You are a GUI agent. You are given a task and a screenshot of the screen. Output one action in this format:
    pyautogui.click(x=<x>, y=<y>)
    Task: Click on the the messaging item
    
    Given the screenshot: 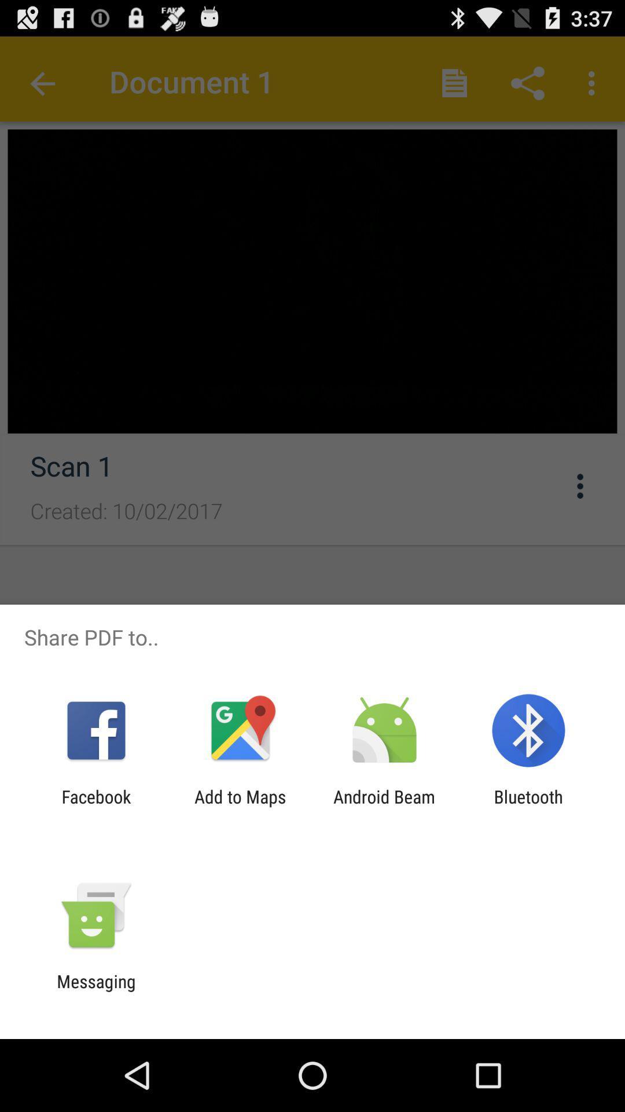 What is the action you would take?
    pyautogui.click(x=95, y=991)
    